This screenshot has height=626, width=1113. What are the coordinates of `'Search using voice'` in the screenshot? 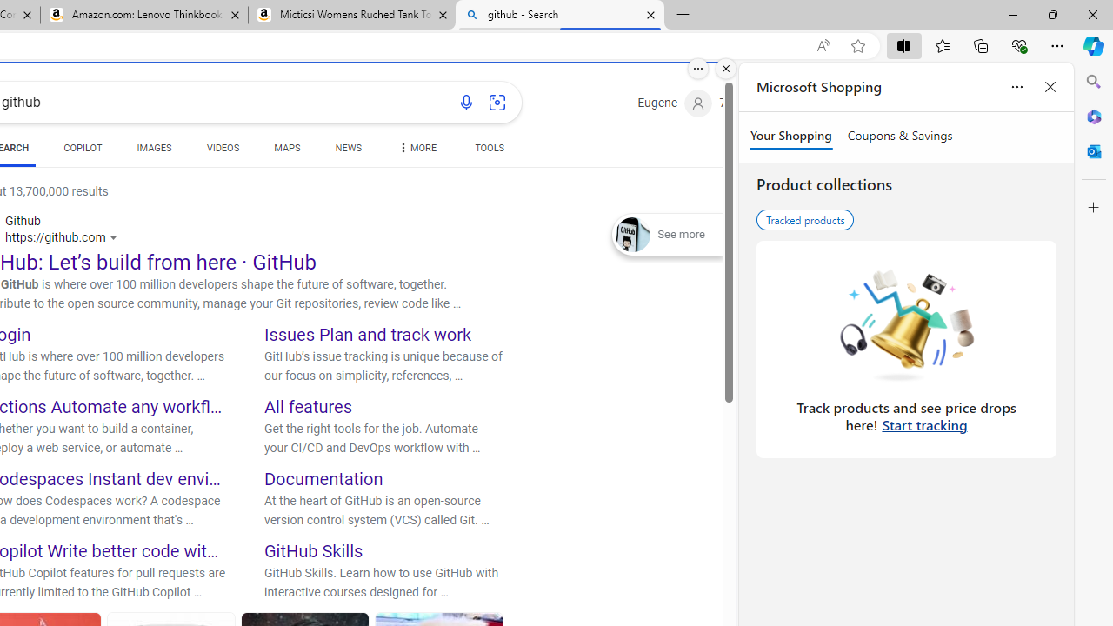 It's located at (466, 103).